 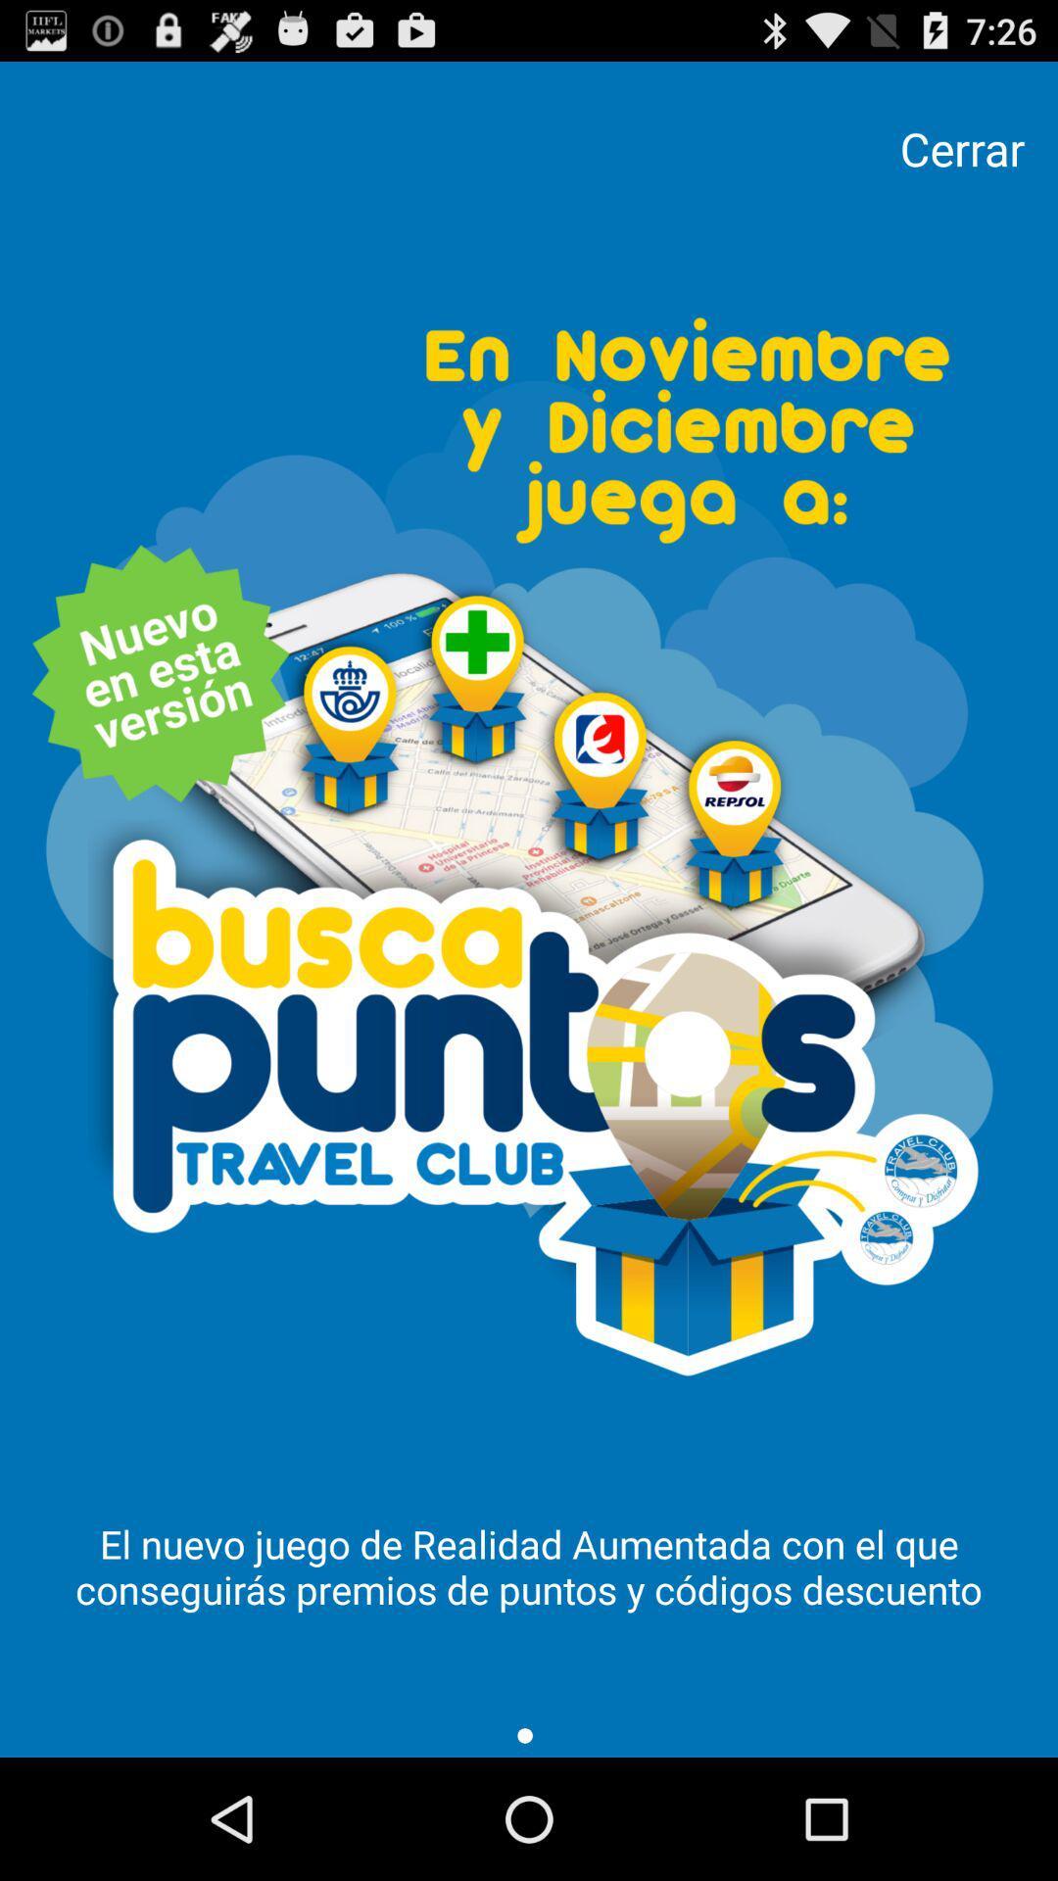 What do you see at coordinates (961, 148) in the screenshot?
I see `cerrar` at bounding box center [961, 148].